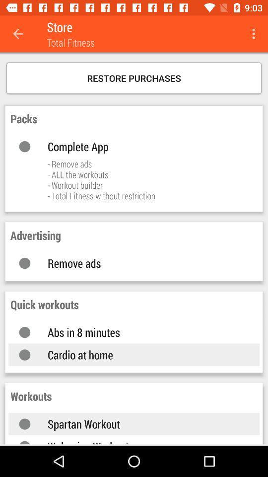  I want to click on icon to the left of store app, so click(18, 34).